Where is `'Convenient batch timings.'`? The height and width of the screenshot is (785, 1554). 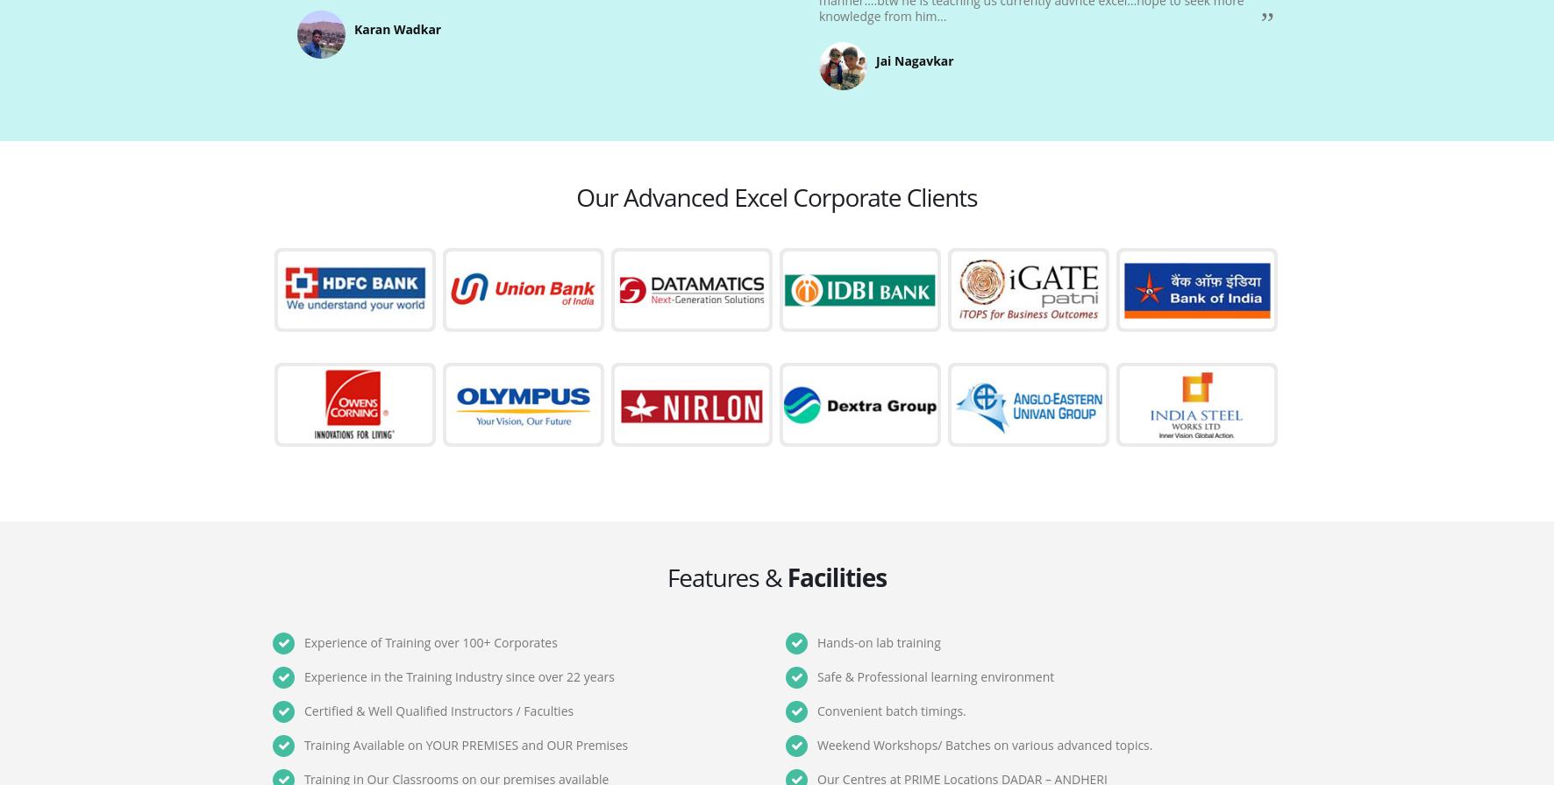
'Convenient batch timings.' is located at coordinates (891, 711).